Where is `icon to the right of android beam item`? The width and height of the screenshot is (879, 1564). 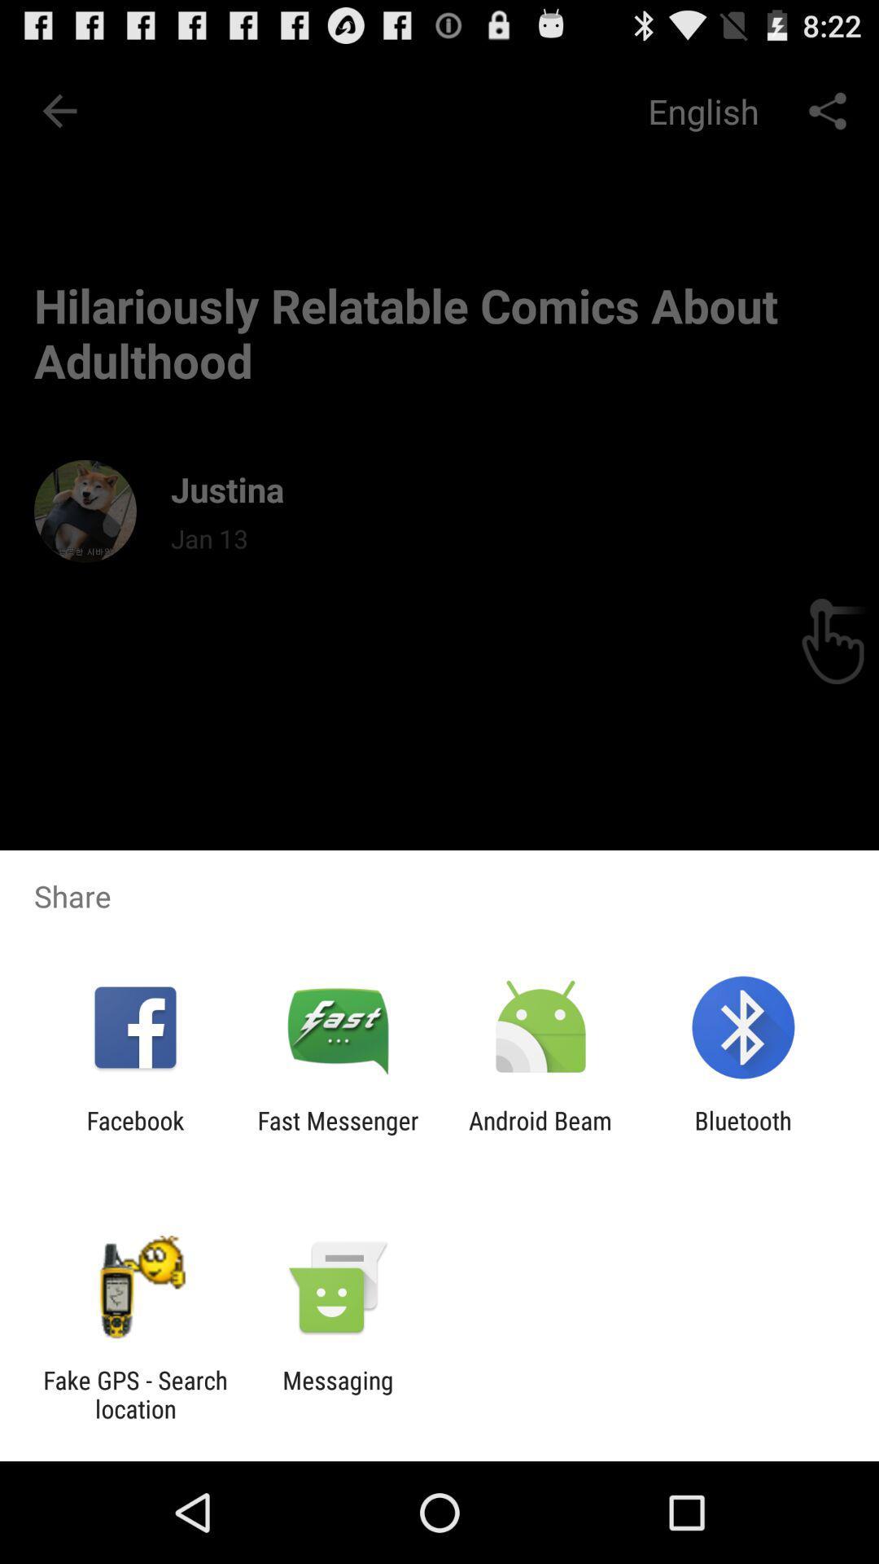
icon to the right of android beam item is located at coordinates (743, 1134).